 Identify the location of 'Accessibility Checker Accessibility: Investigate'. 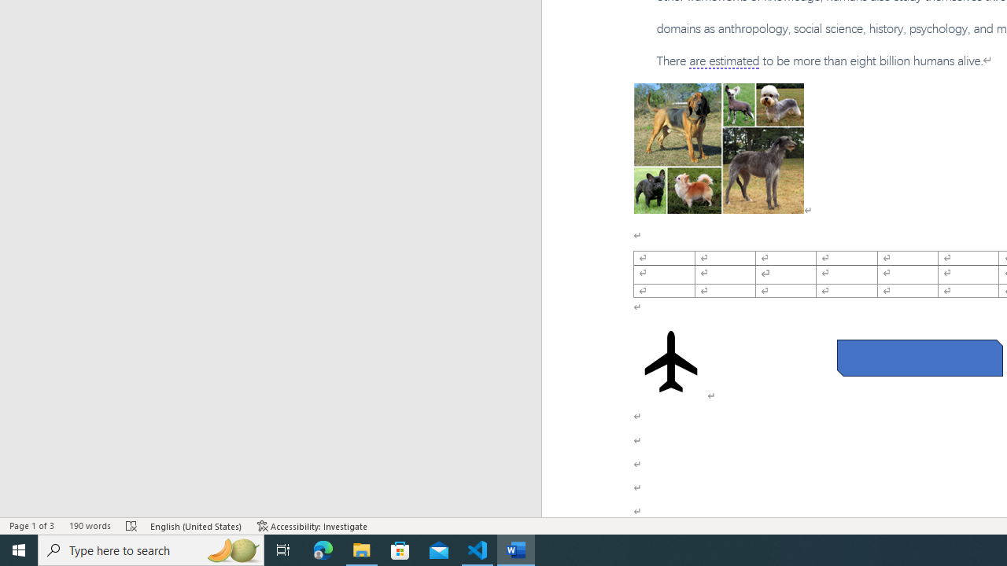
(312, 526).